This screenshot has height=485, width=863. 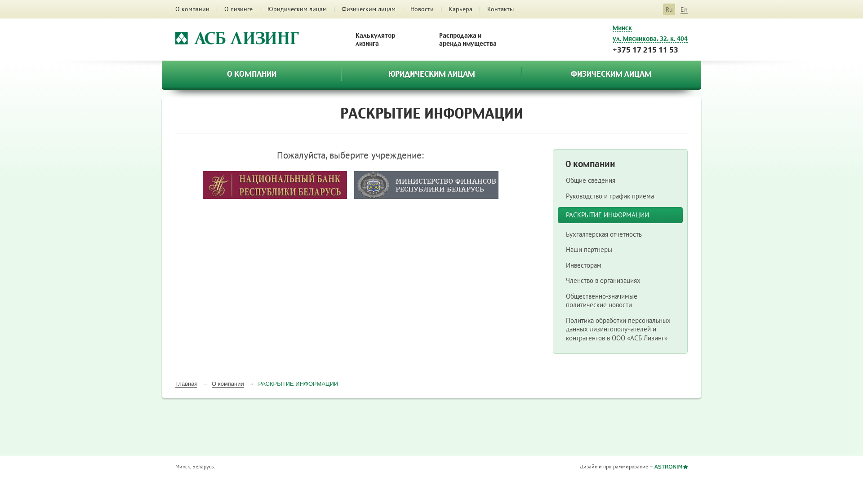 I want to click on 'LiveInternet', so click(x=215, y=467).